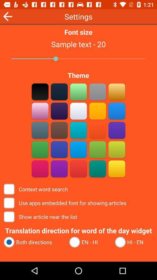 The width and height of the screenshot is (157, 280). I want to click on change app theme color, so click(97, 92).